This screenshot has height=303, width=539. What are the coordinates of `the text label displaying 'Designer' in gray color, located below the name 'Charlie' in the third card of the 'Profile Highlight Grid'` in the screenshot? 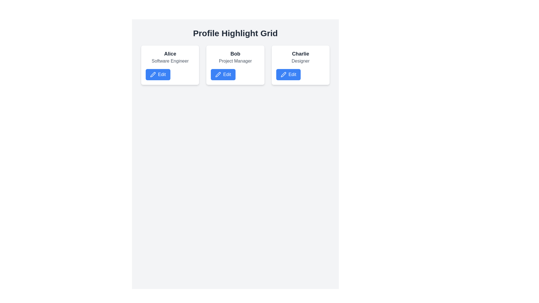 It's located at (300, 61).